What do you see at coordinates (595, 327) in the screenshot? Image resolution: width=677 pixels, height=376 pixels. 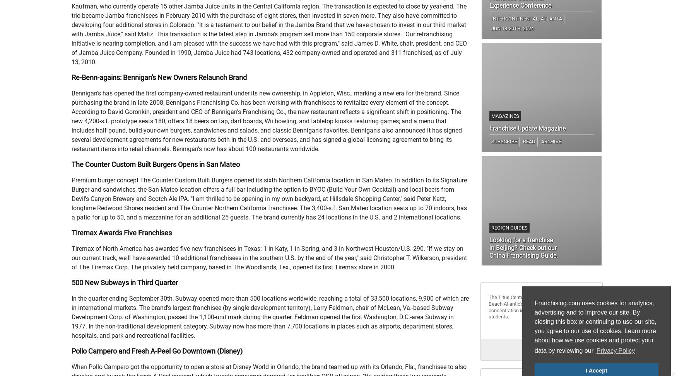 I see `'Franchising.com uses cookies for analytics, advertising and to improve our site. By closing this box or continuing to use our site, you agree to our use of cookies. Learn more about how we use cookies and protect your data by reviewing our'` at bounding box center [595, 327].